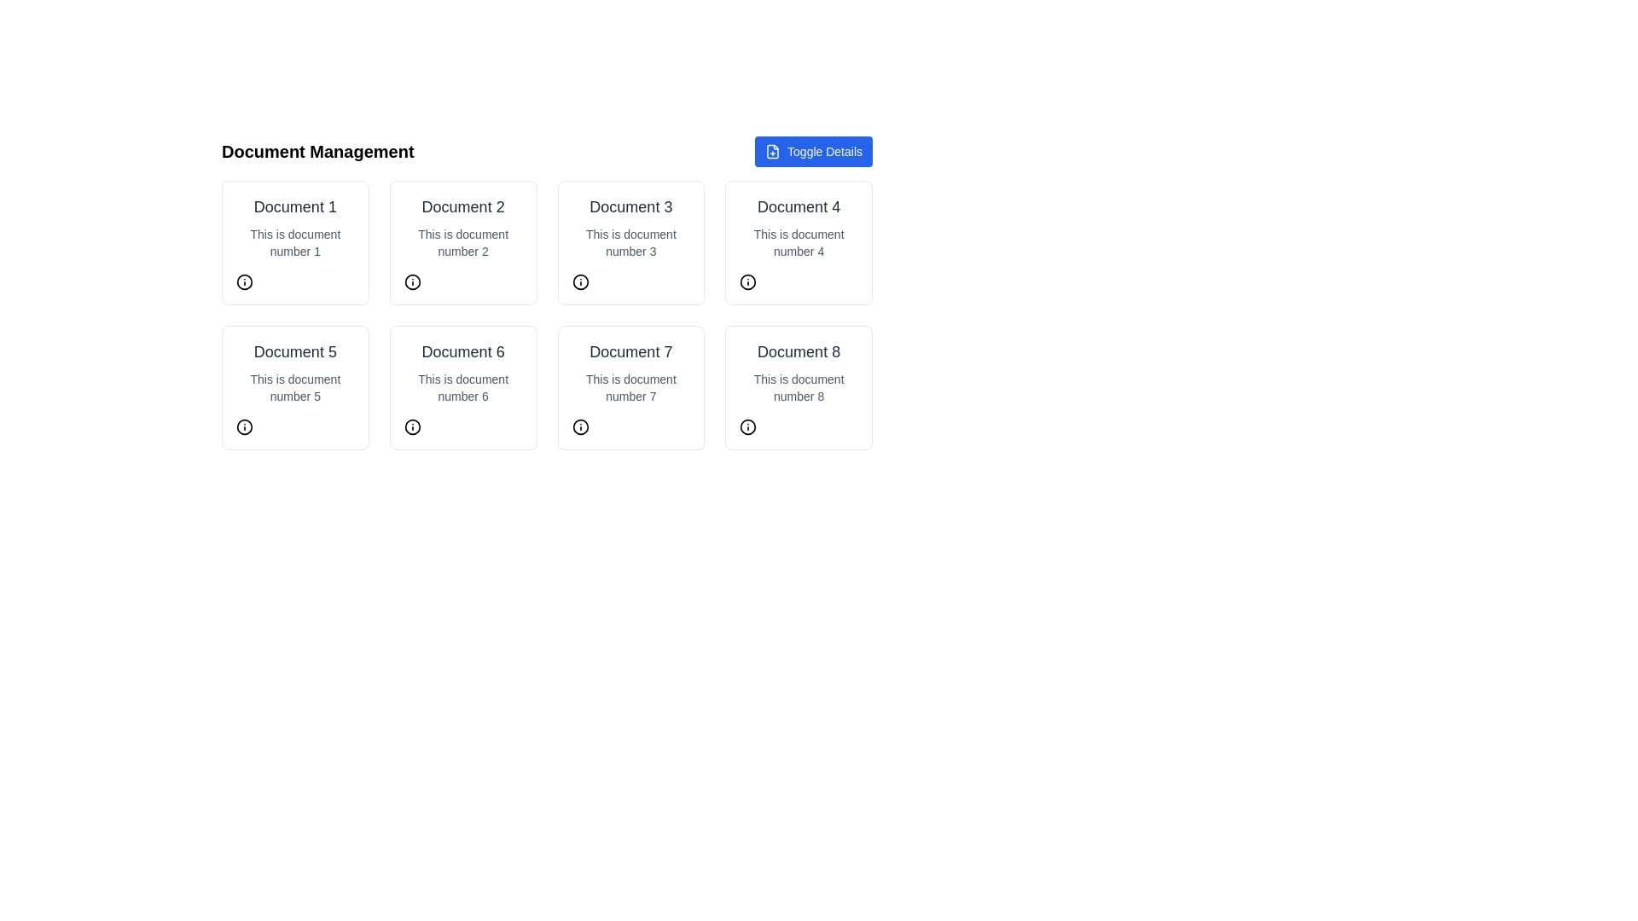  What do you see at coordinates (244, 426) in the screenshot?
I see `the 'info' icon associated with 'Document 5', located at the bottom-left corner of its corresponding card` at bounding box center [244, 426].